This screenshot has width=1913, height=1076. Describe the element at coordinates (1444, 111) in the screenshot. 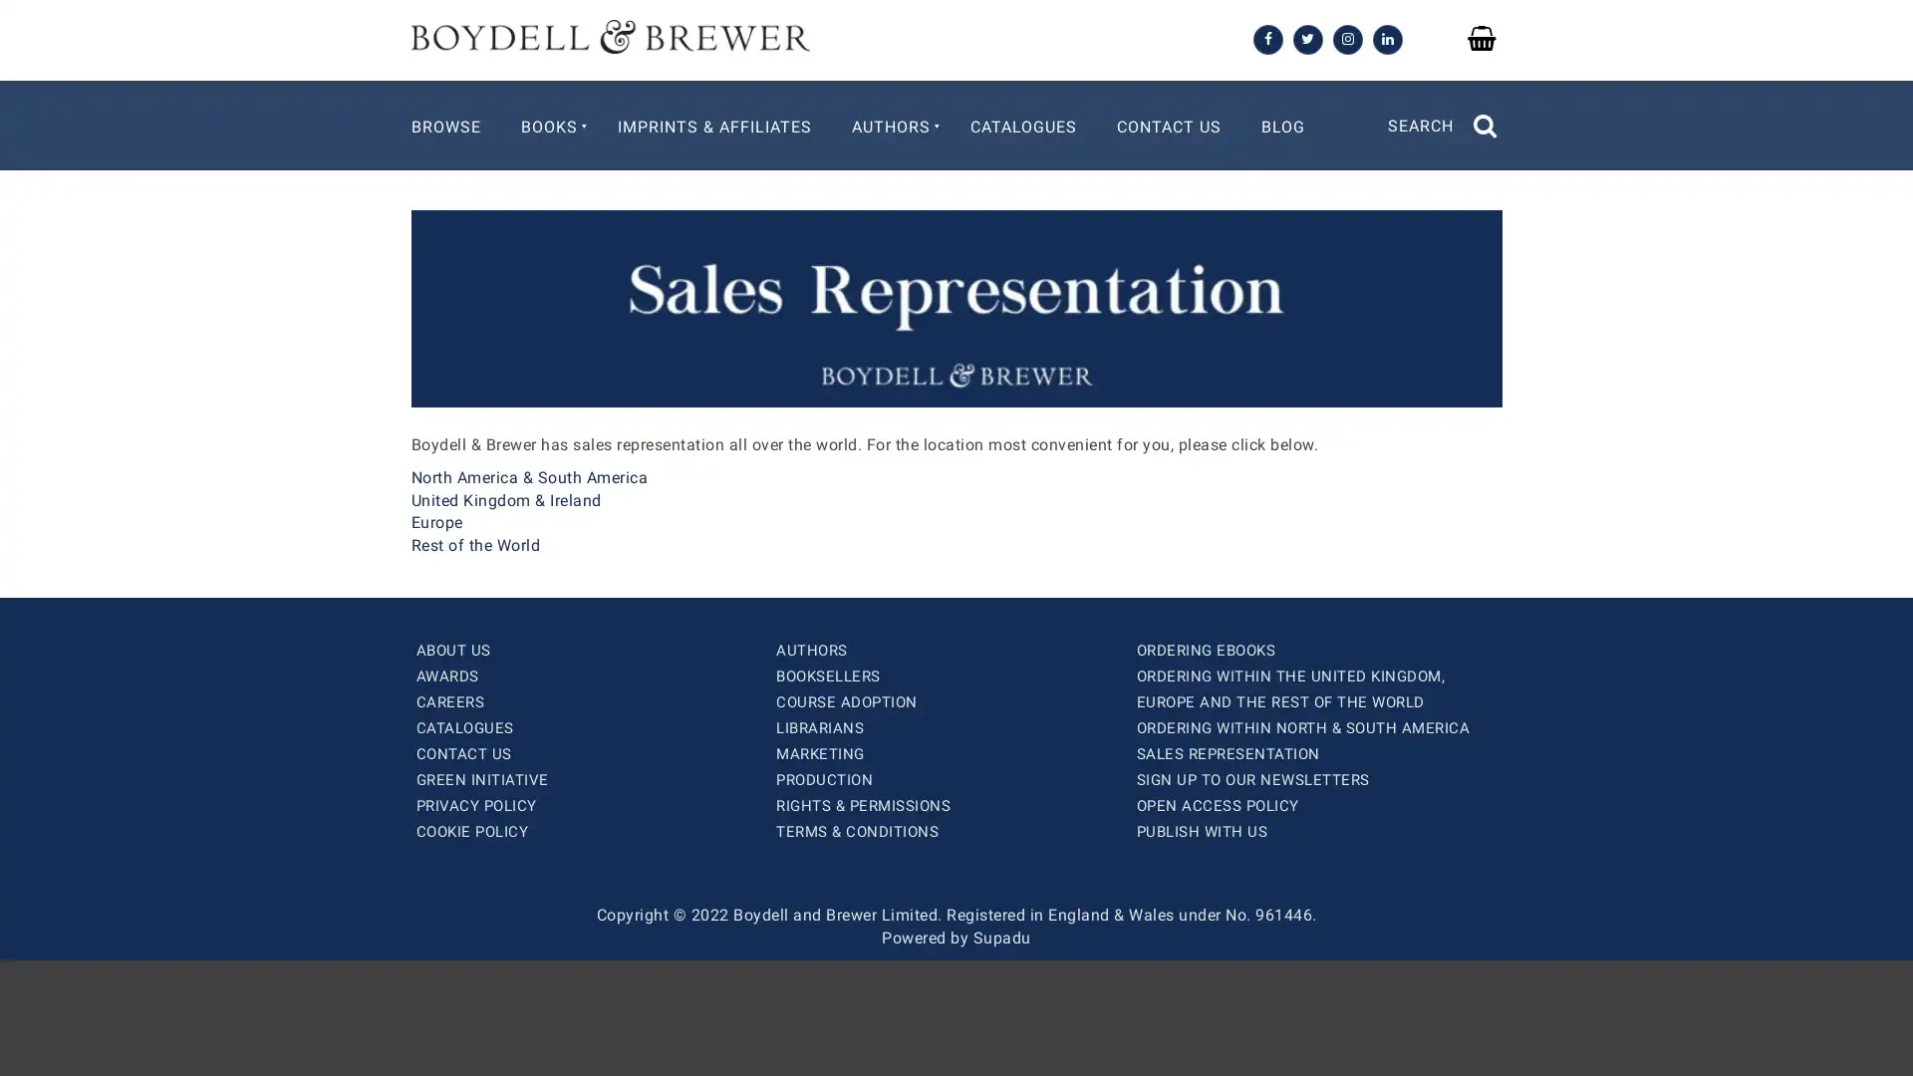

I see `SEARCH` at that location.